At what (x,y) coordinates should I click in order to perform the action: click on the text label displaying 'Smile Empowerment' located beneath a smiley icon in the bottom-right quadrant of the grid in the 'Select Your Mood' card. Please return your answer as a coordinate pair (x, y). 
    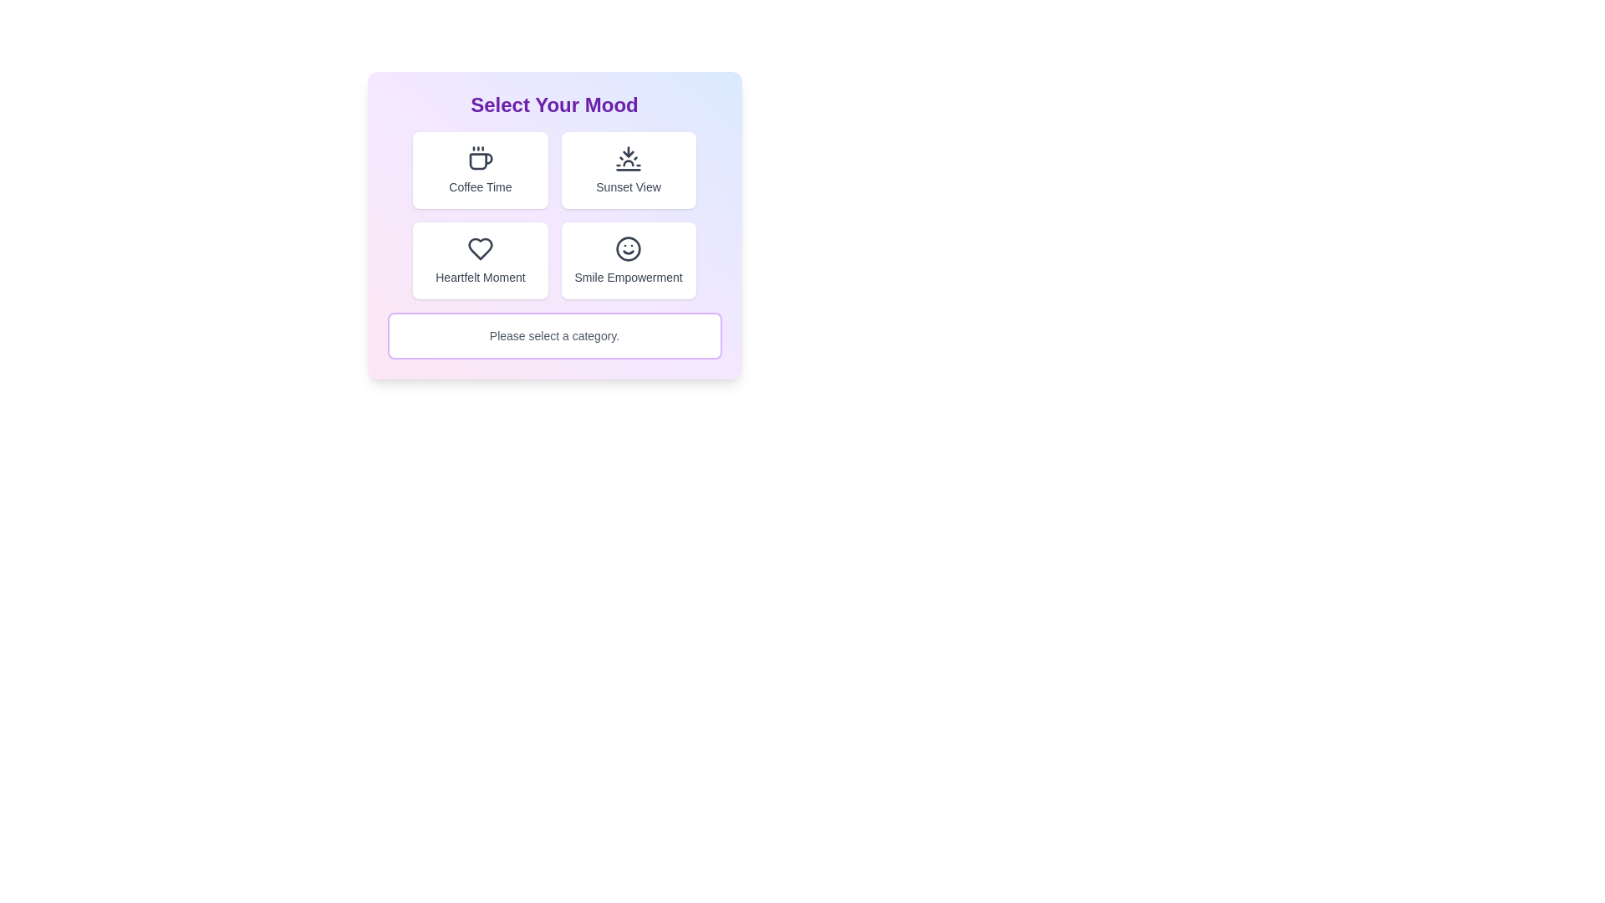
    Looking at the image, I should click on (628, 276).